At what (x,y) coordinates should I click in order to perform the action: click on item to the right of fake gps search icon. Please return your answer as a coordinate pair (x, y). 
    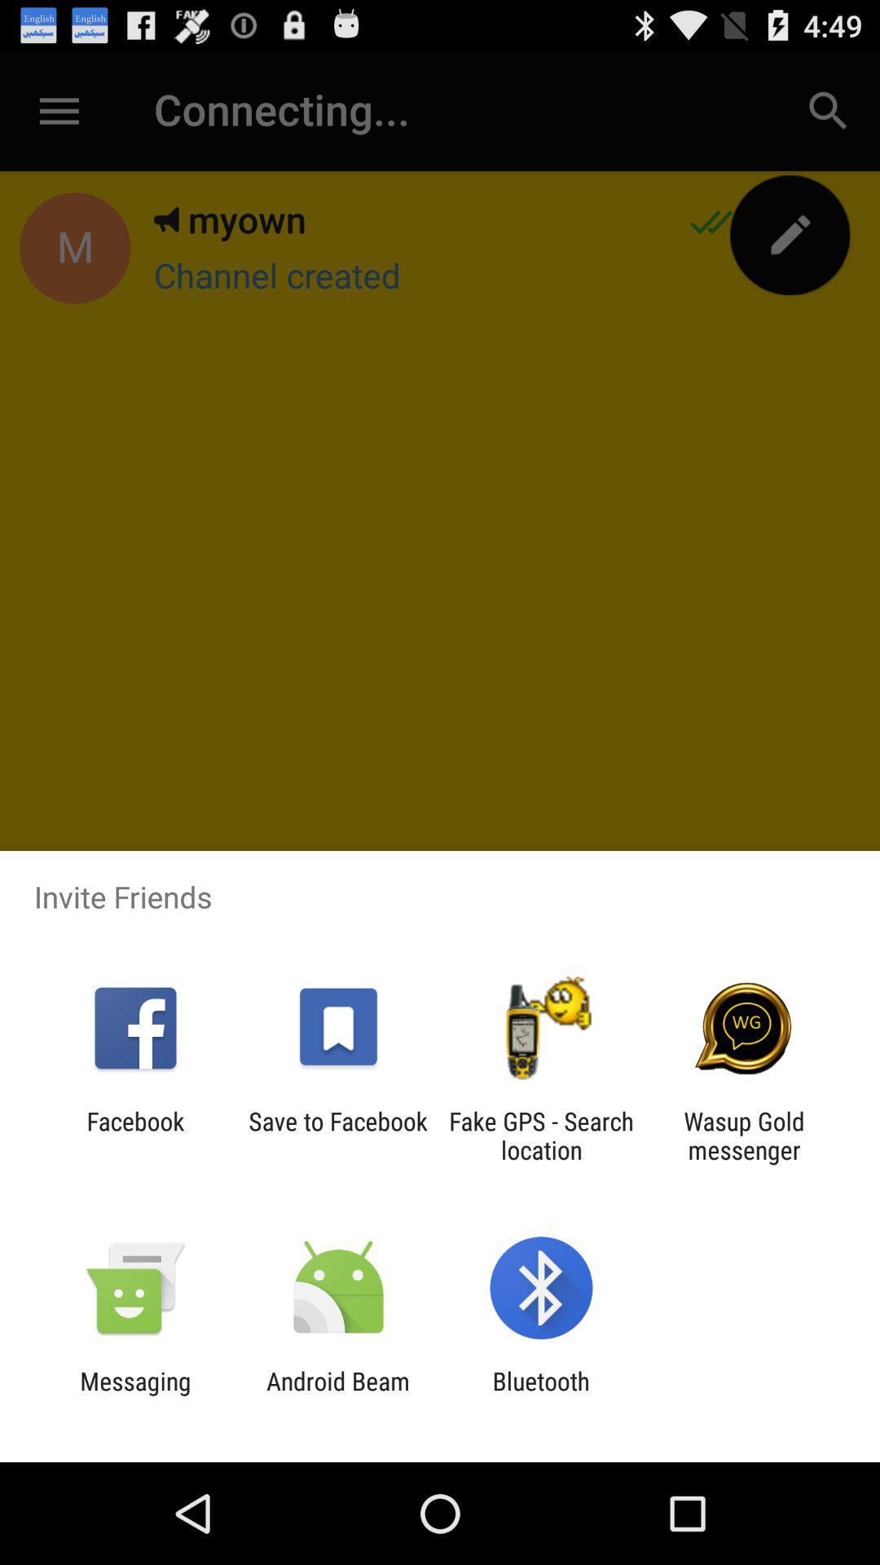
    Looking at the image, I should click on (744, 1135).